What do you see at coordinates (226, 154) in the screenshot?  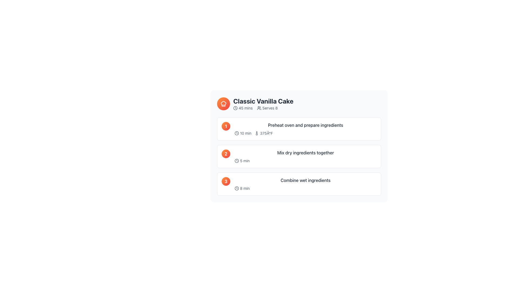 I see `the Step Indicator element, which is a circular badge with a gradient color scheme and a bold white numeral '2' centered within it, located at the start of the step labeled 'Mix dry ingredients together'` at bounding box center [226, 154].